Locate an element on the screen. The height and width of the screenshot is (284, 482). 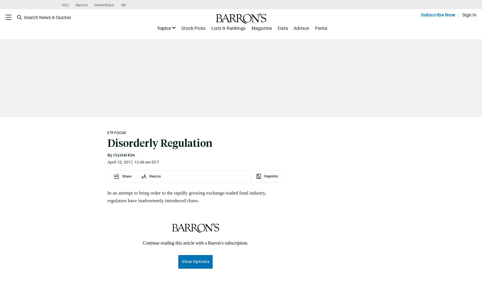
'Data' is located at coordinates (277, 28).